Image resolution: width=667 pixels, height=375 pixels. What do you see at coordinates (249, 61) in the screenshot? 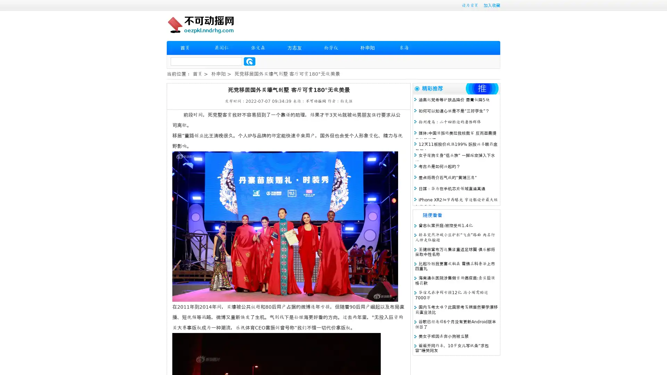
I see `Search` at bounding box center [249, 61].